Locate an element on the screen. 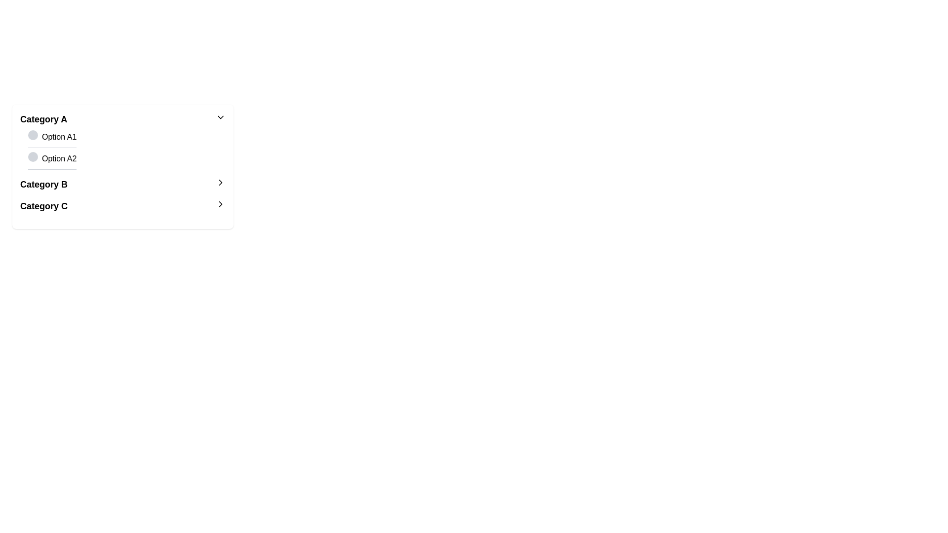 This screenshot has height=533, width=948. the text label 'Option A1' which is associated with a selectable menu option, located to the right of a small circular icon under the heading 'Category A' is located at coordinates (59, 137).